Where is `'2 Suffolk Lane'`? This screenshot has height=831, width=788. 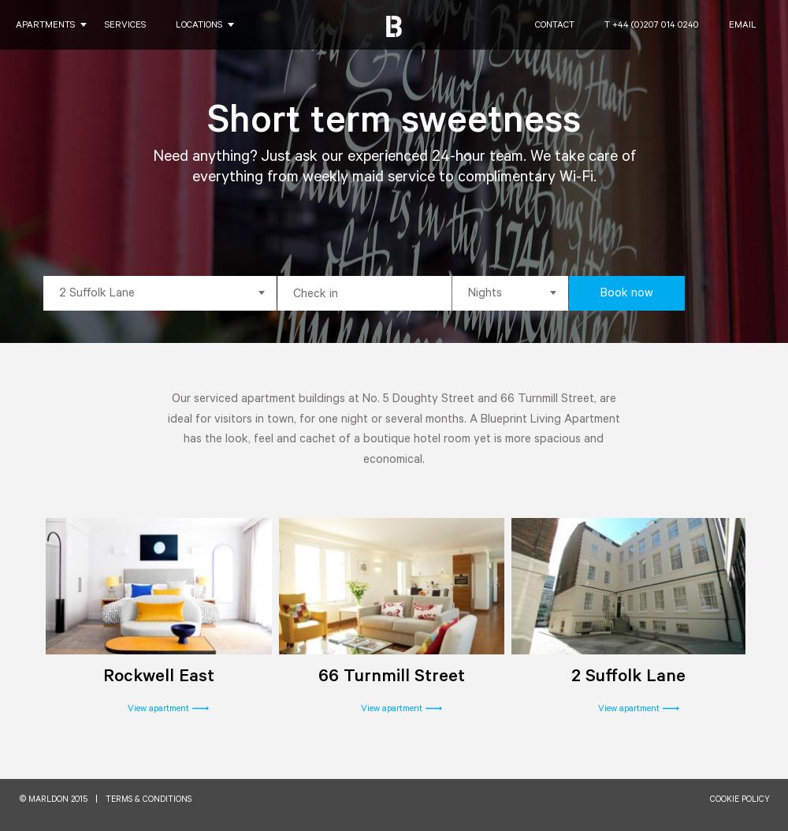 '2 Suffolk Lane' is located at coordinates (628, 678).